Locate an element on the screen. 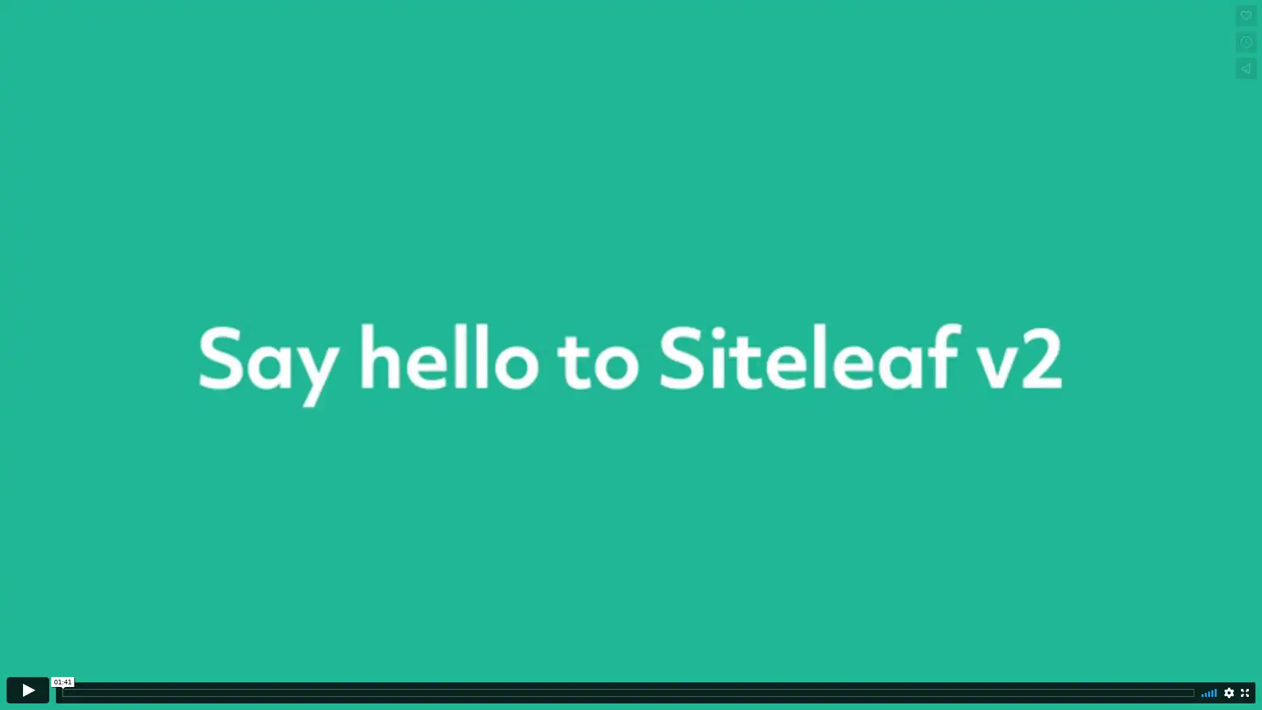 The height and width of the screenshot is (710, 1262). Add to Watch Later (this opens in a new window) is located at coordinates (1246, 41).